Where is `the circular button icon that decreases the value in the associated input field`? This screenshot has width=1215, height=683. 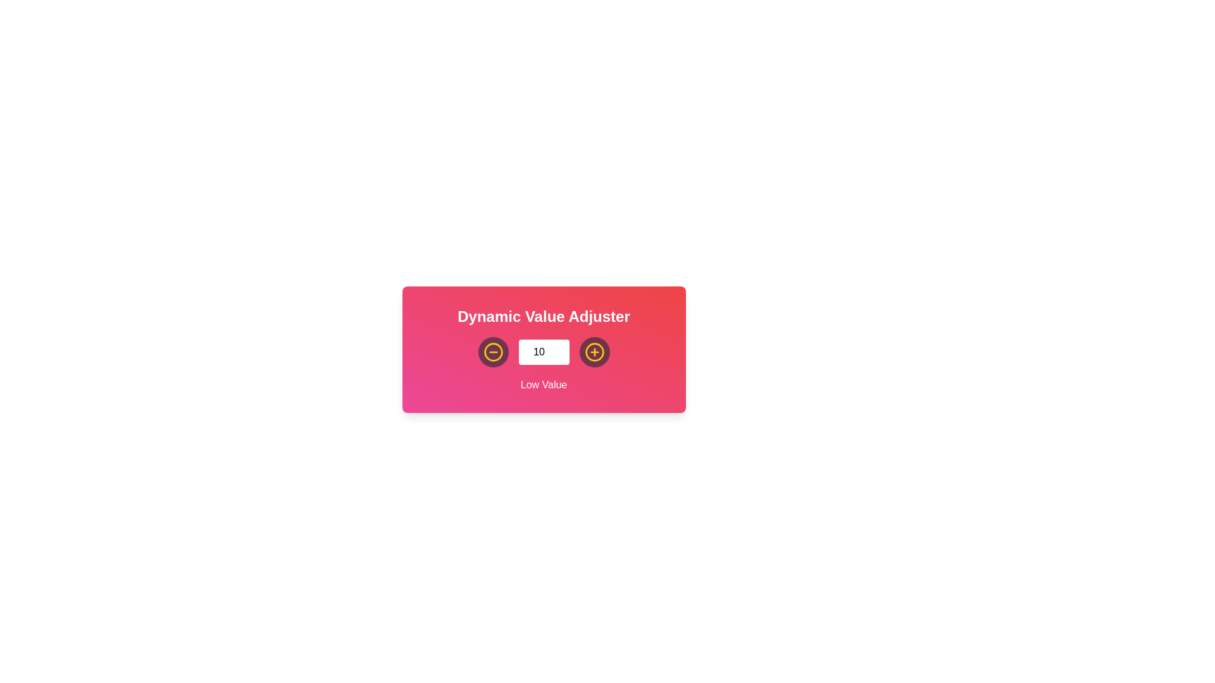 the circular button icon that decreases the value in the associated input field is located at coordinates (594, 352).